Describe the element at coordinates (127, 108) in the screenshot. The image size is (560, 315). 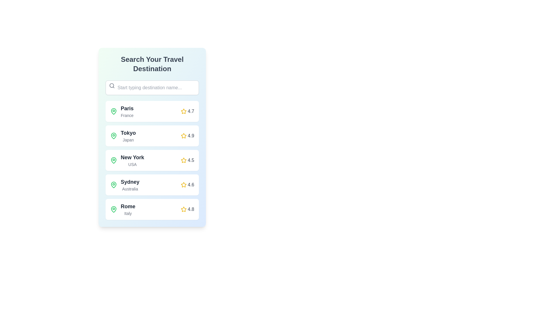
I see `the text label displaying the city name 'Paris', which is the topmost entry in a list of travel destinations, to access related elements in the entry` at that location.